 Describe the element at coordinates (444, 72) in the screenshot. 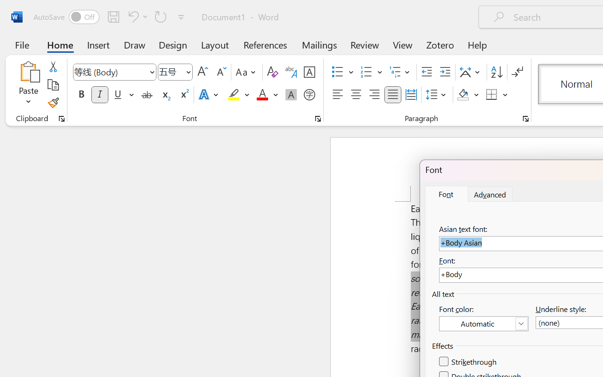

I see `'Increase Indent'` at that location.